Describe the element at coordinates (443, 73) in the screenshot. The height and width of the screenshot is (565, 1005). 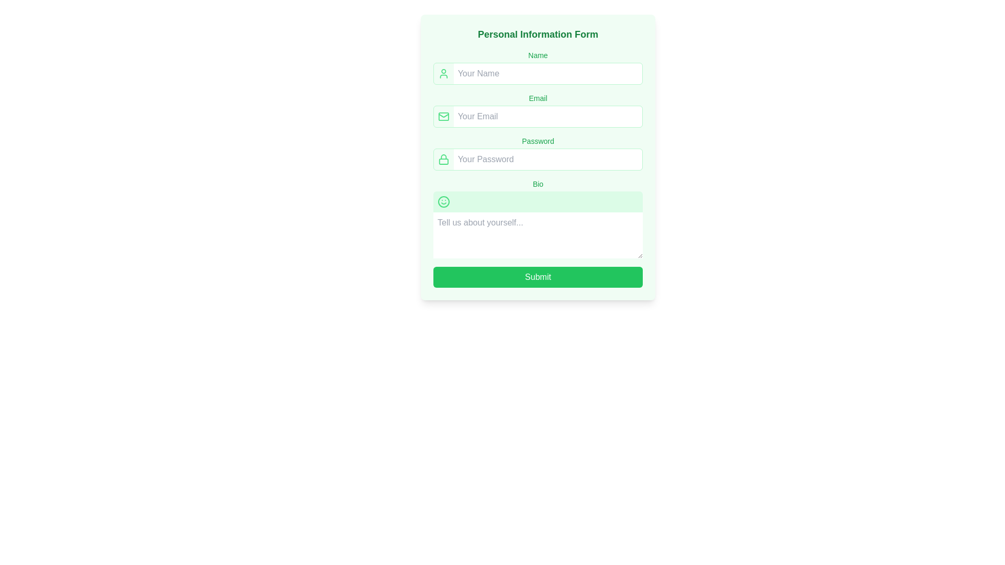
I see `the user profile icon, which is represented by a simplistic outline with a green stroke, located to the left of the 'Your Name' input field in the 'Name' section of the form` at that location.